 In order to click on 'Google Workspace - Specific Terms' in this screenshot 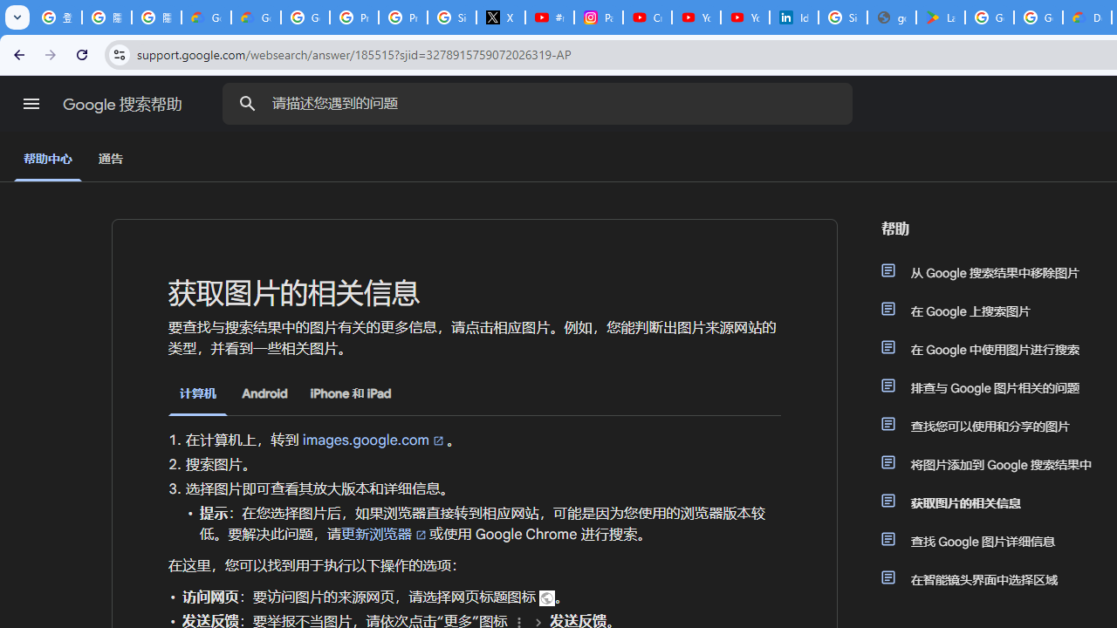, I will do `click(1038, 17)`.